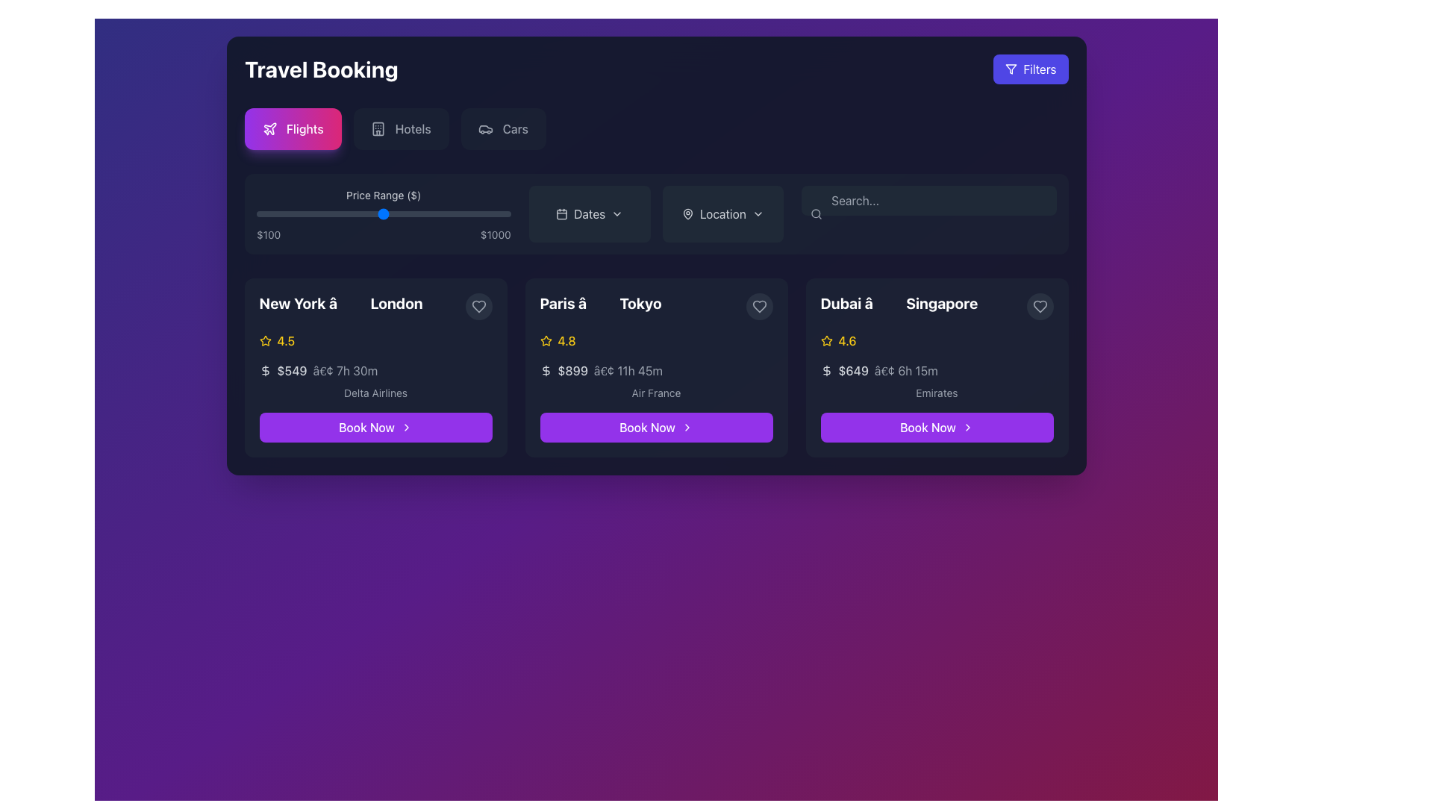 This screenshot has width=1433, height=806. I want to click on the 'Cars' text label within the button located in the top navigation bar, which is styled in gray against a dark background, so click(515, 128).